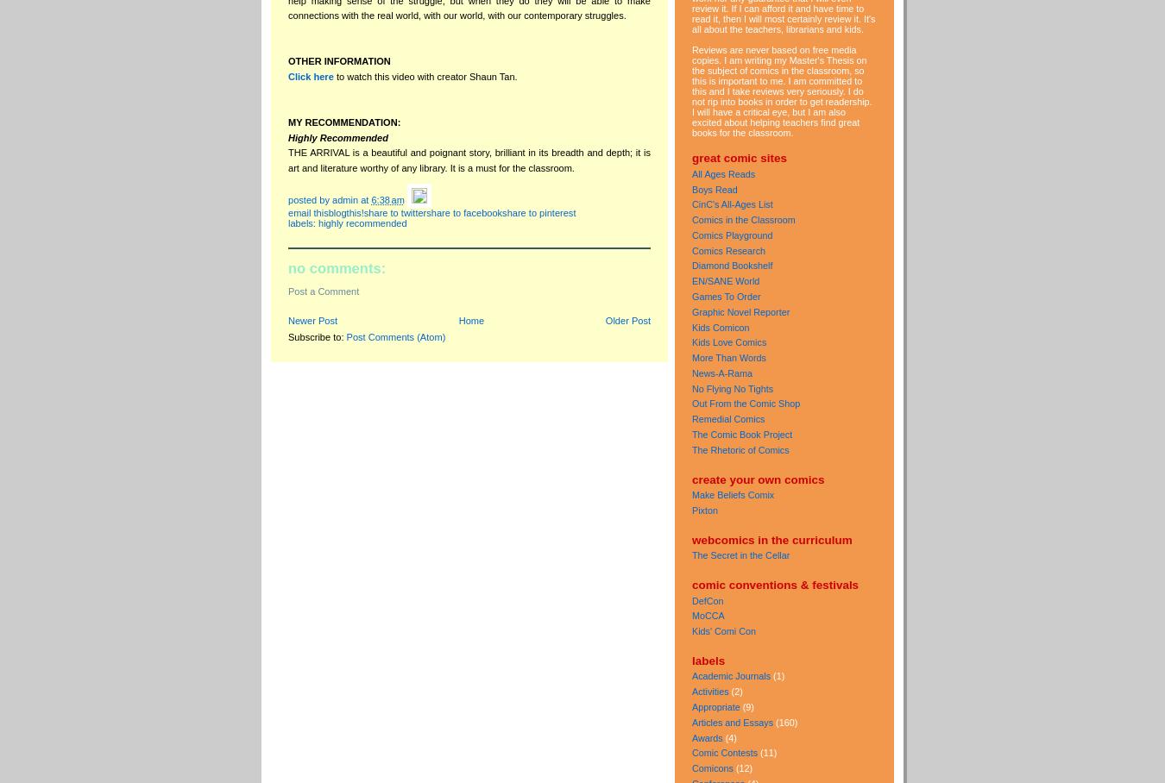 This screenshot has width=1165, height=783. Describe the element at coordinates (692, 674) in the screenshot. I see `'Academic Journals'` at that location.